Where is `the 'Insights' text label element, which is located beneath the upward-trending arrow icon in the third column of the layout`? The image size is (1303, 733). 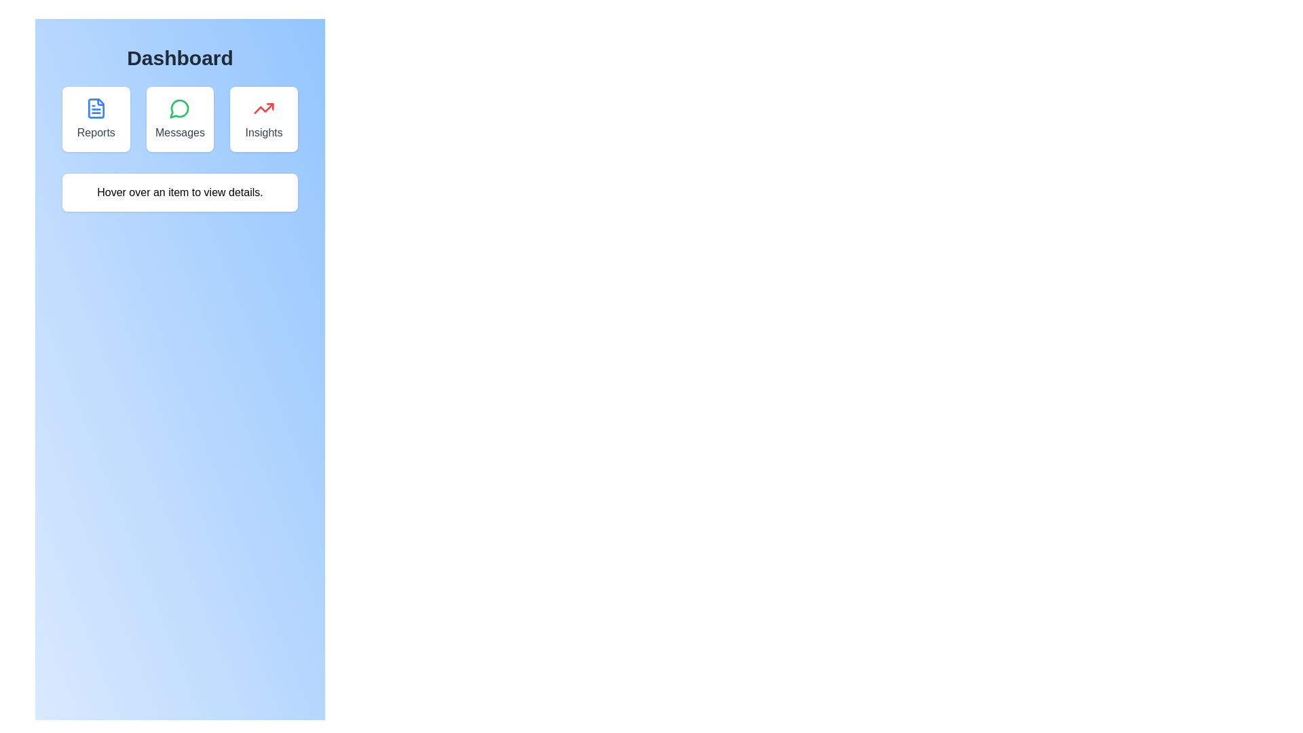 the 'Insights' text label element, which is located beneath the upward-trending arrow icon in the third column of the layout is located at coordinates (264, 133).